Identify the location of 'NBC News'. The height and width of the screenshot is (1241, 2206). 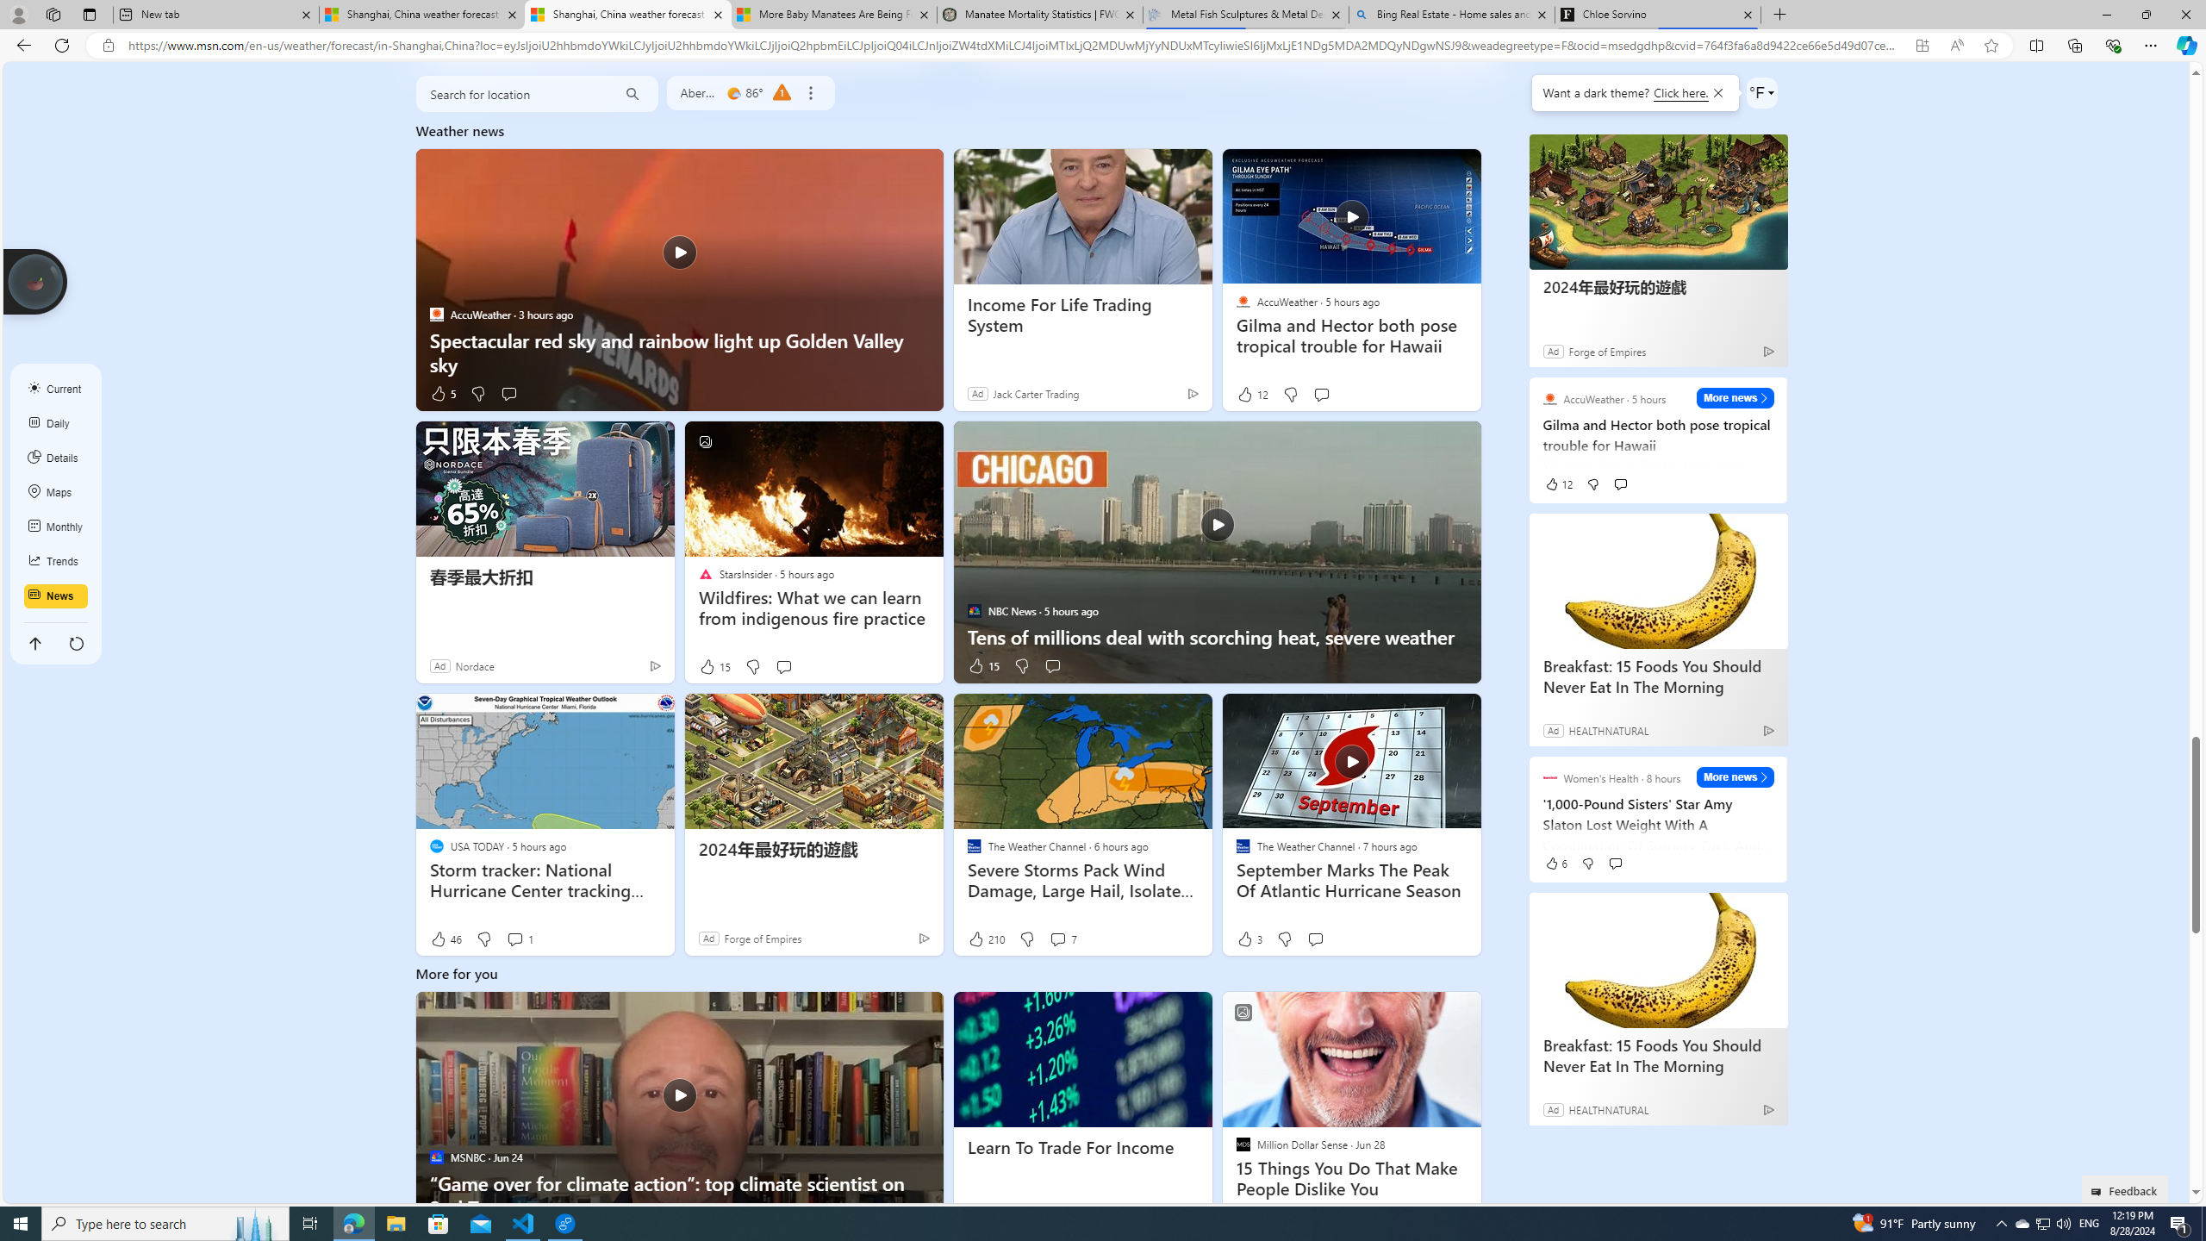
(973, 610).